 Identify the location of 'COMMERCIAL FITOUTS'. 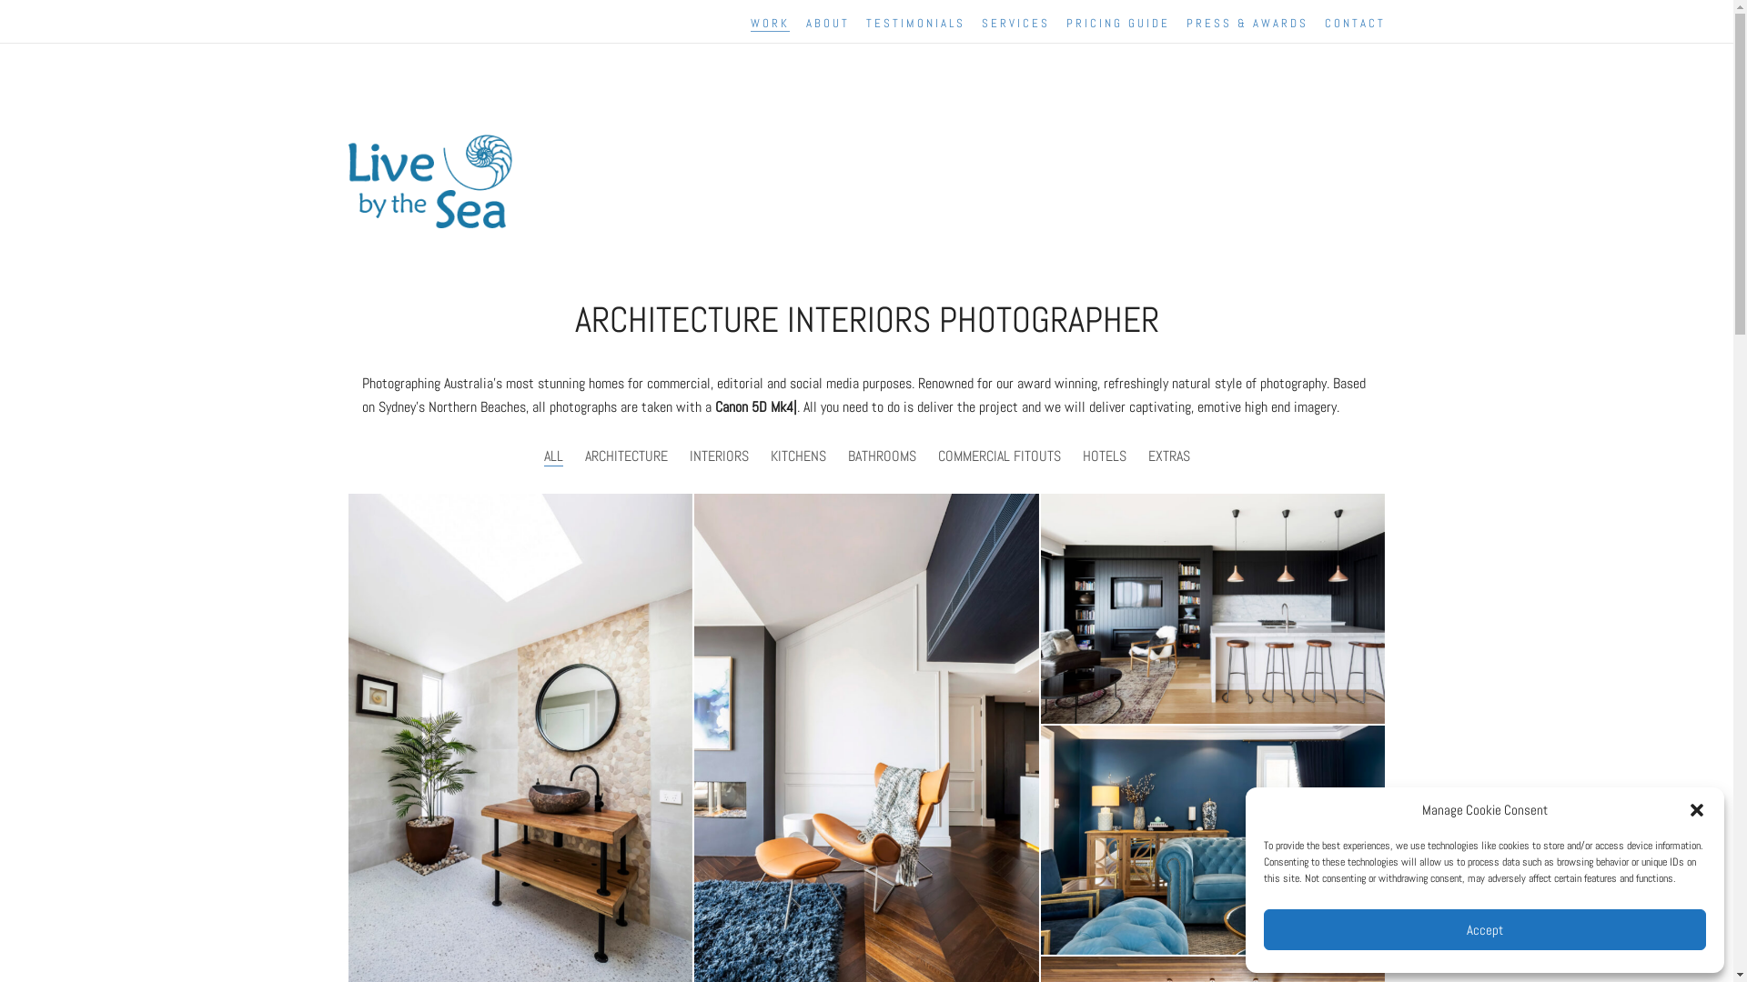
(997, 455).